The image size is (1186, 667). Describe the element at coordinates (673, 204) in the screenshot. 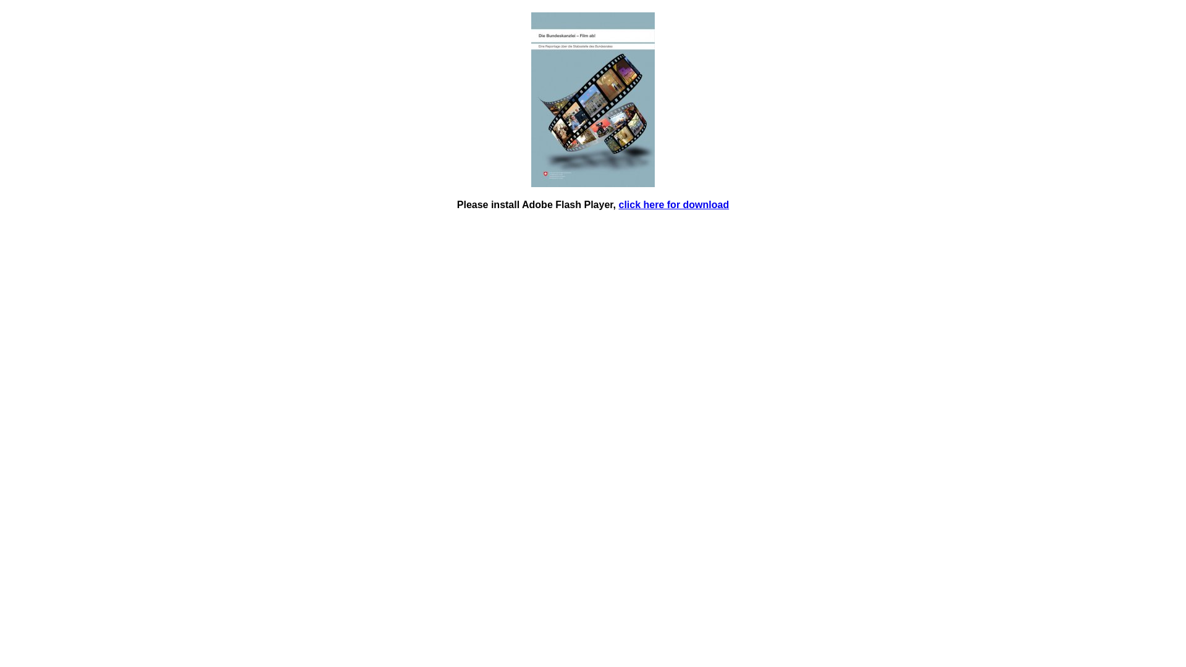

I see `'click here for download'` at that location.